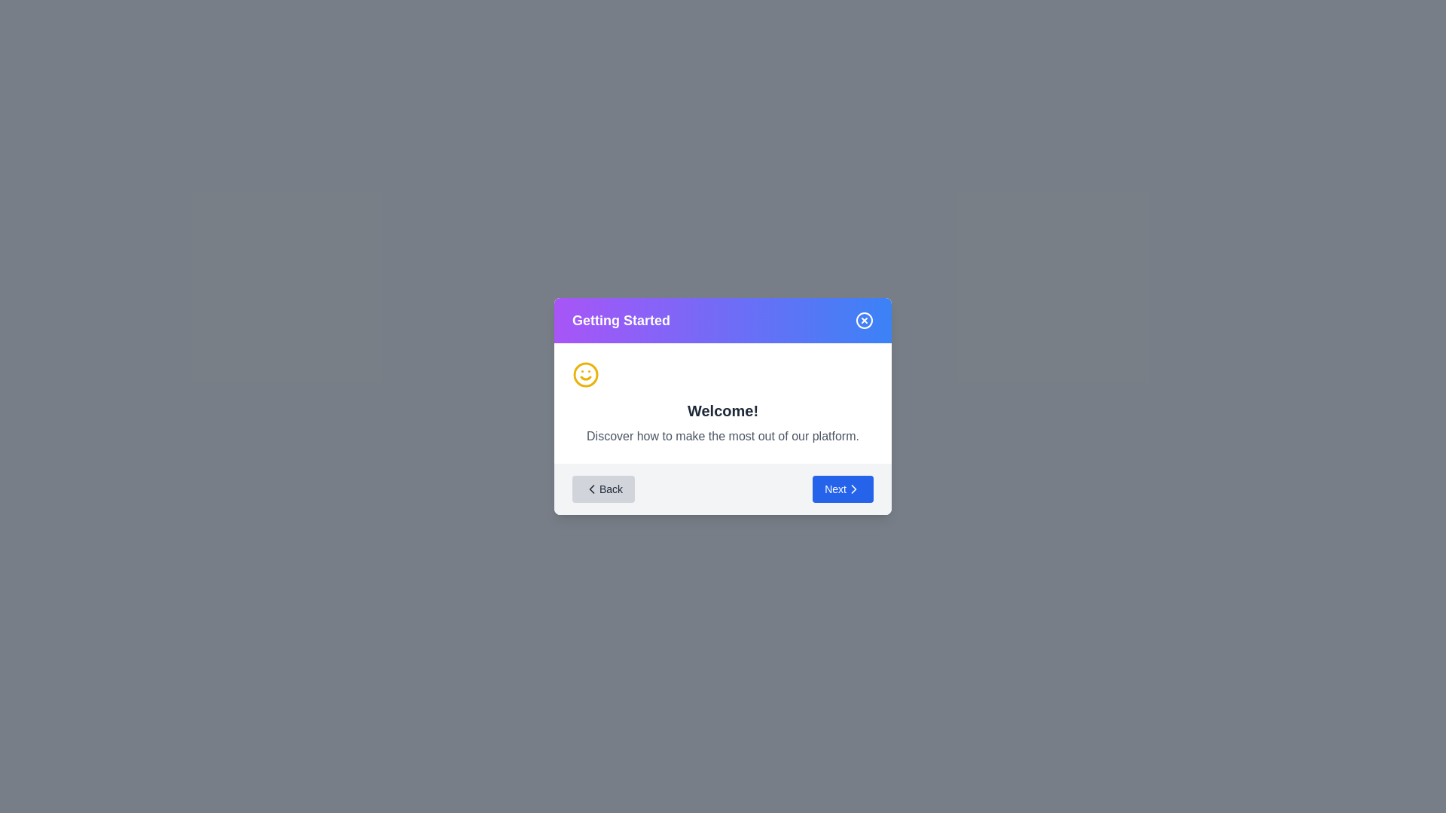 This screenshot has width=1446, height=813. What do you see at coordinates (591, 489) in the screenshot?
I see `the small triangular arrowhead icon pointing left, which is located at the center of the 'Back' button in the bottom-left corner of the dialog box` at bounding box center [591, 489].